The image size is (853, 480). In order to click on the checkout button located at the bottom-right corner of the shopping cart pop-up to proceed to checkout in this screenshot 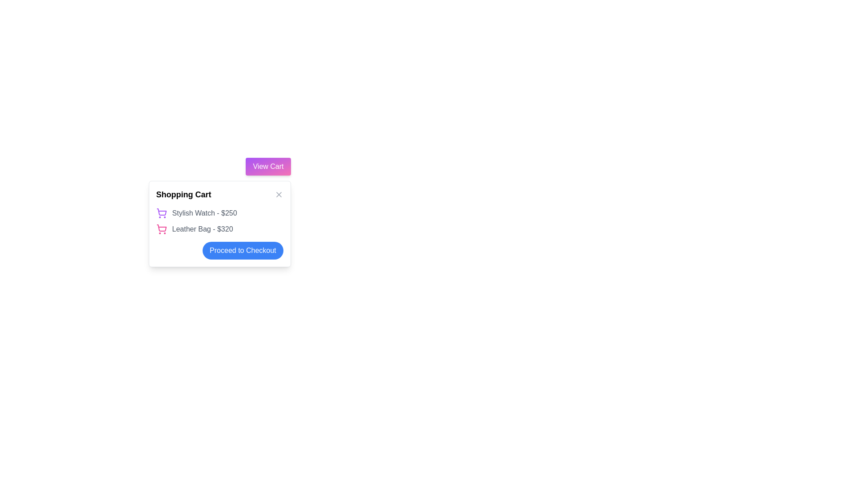, I will do `click(219, 250)`.